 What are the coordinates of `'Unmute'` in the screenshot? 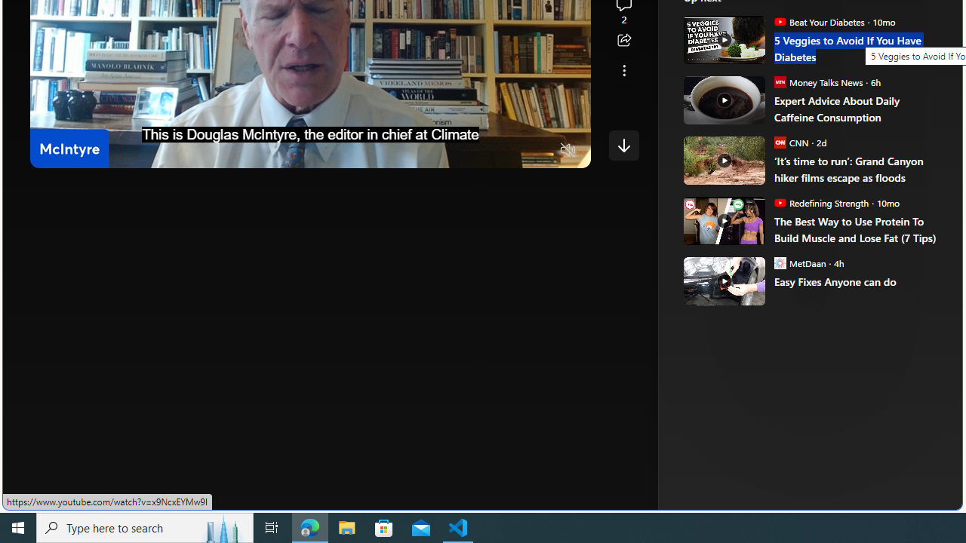 It's located at (568, 151).